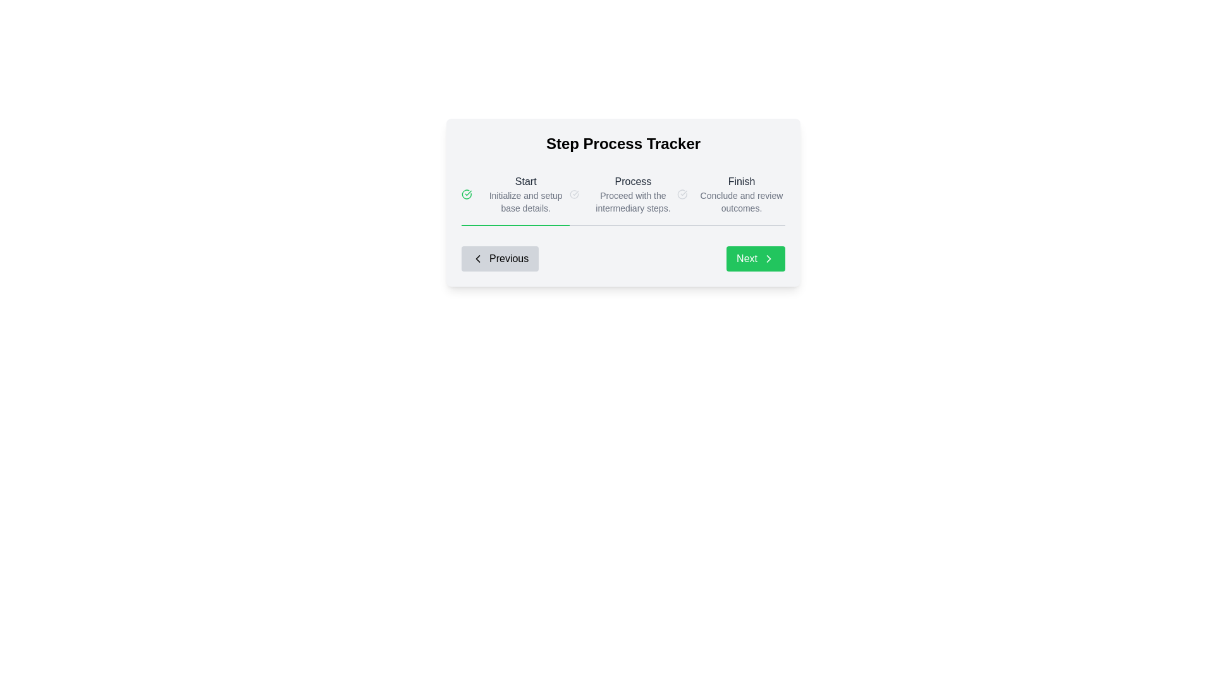 The height and width of the screenshot is (682, 1214). What do you see at coordinates (477, 258) in the screenshot?
I see `the left-facing chevron arrow icon within the 'Previous' button located in the bottom left section of the step tracker interface` at bounding box center [477, 258].